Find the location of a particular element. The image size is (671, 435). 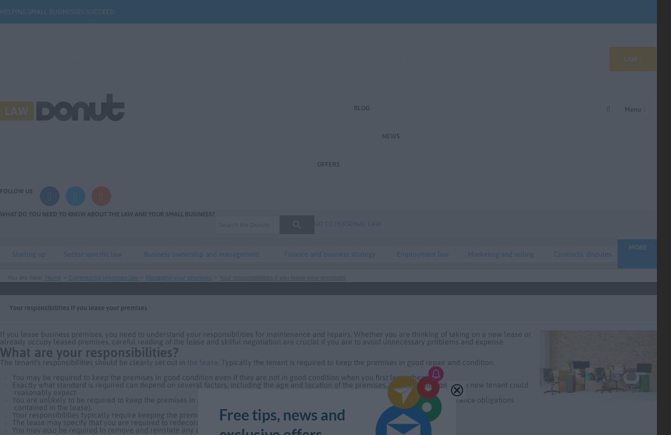

'Commercial premises law' is located at coordinates (68, 277).